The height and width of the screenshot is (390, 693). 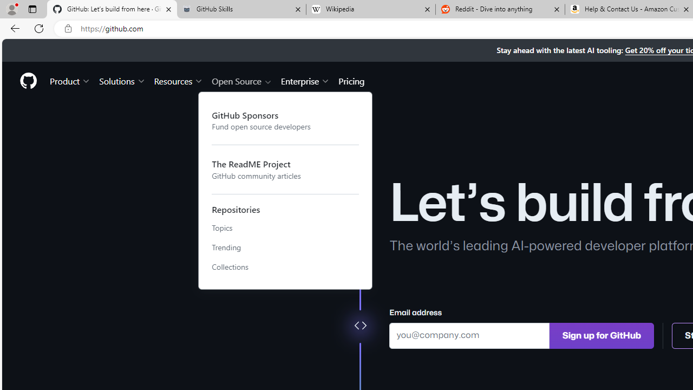 I want to click on 'Homepage', so click(x=28, y=80).